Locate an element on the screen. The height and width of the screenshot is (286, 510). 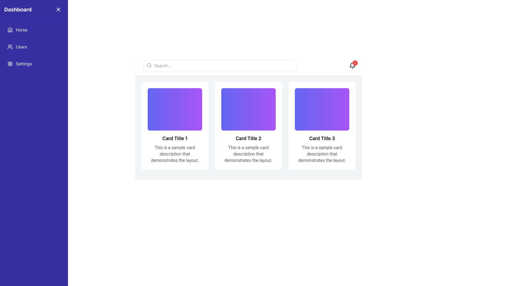
the circular button with a white 'X' icon on a purple background located in the top-right corner of the 'Dashboard' panel is located at coordinates (58, 9).